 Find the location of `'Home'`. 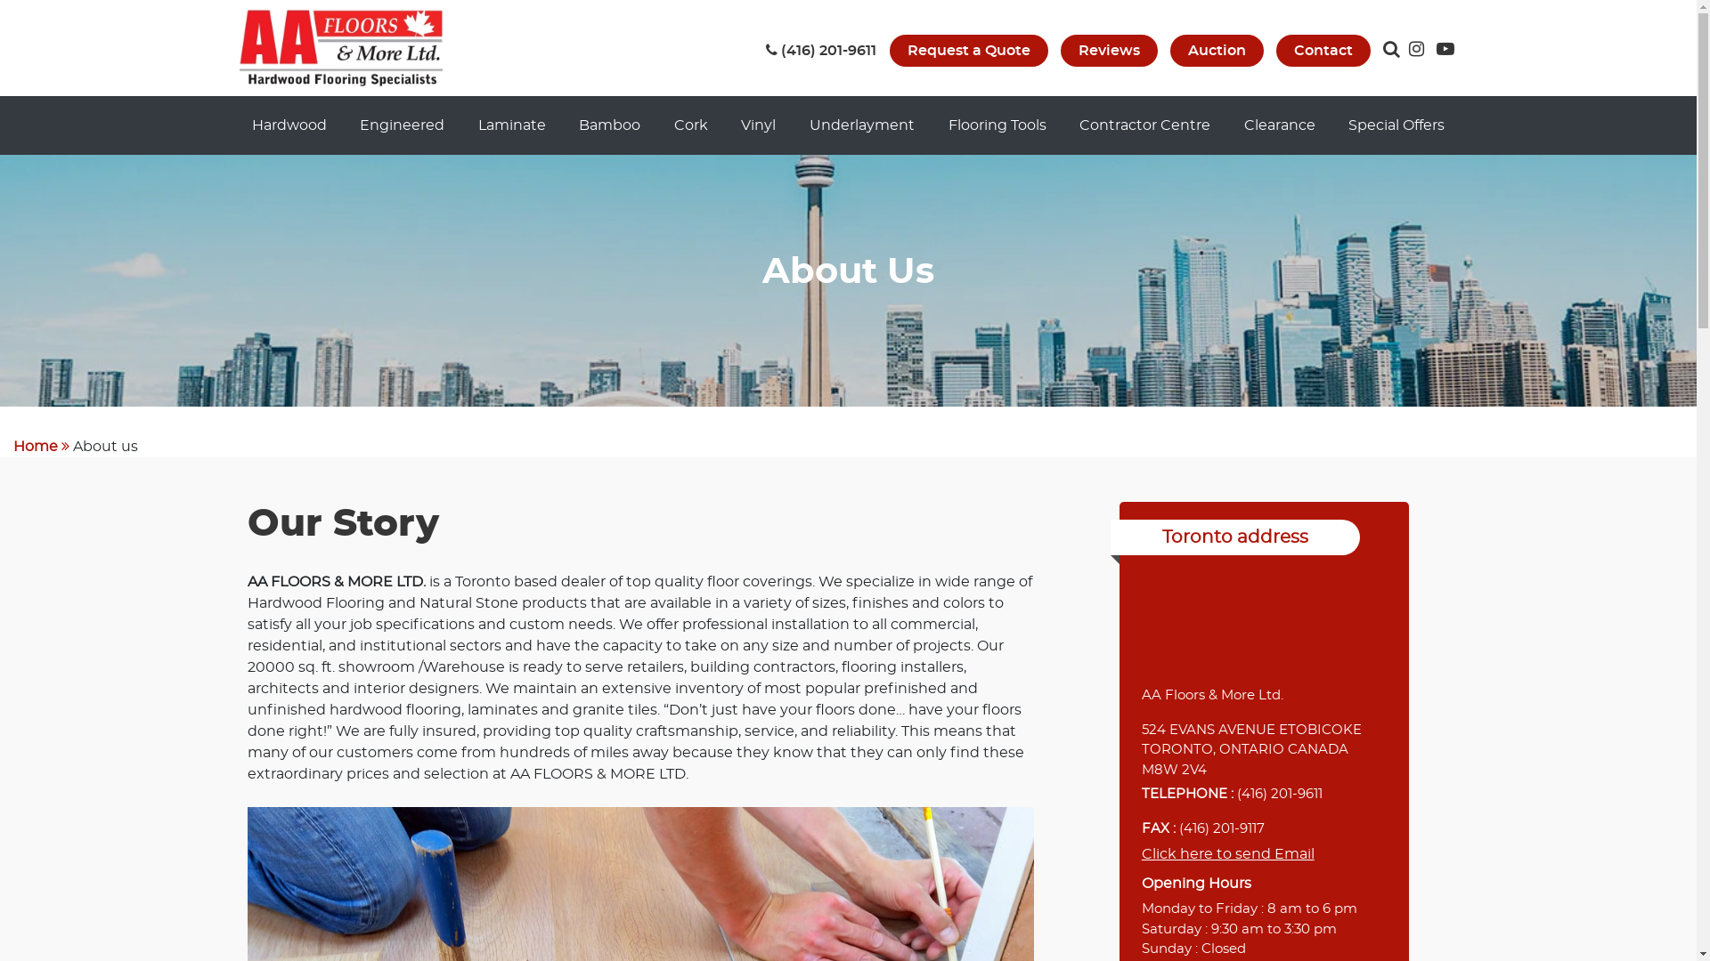

'Home' is located at coordinates (35, 445).